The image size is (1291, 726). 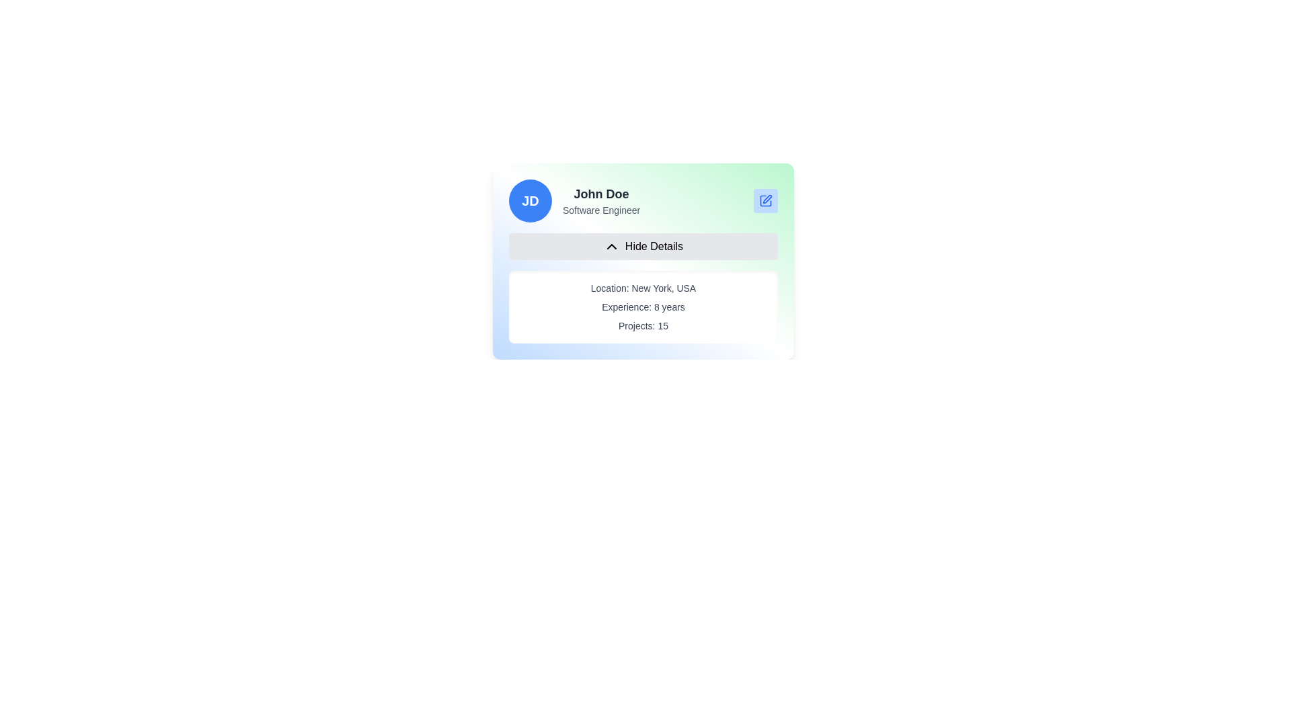 I want to click on the edit button with a light blue background and pen icon located at the far right side of the user information card, so click(x=765, y=201).